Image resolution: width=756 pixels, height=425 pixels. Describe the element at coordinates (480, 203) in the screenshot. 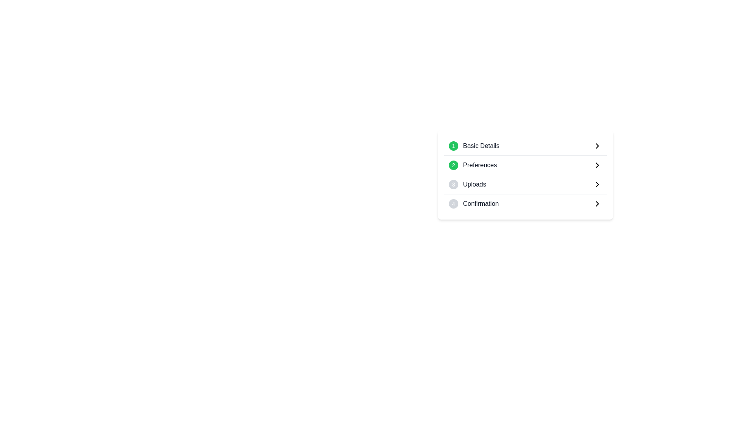

I see `the text label that indicates the fourth step in a sequential process, positioned next to a gray, rounded numerical icon labeled '4', located towards the bottom-right corner of the layout` at that location.